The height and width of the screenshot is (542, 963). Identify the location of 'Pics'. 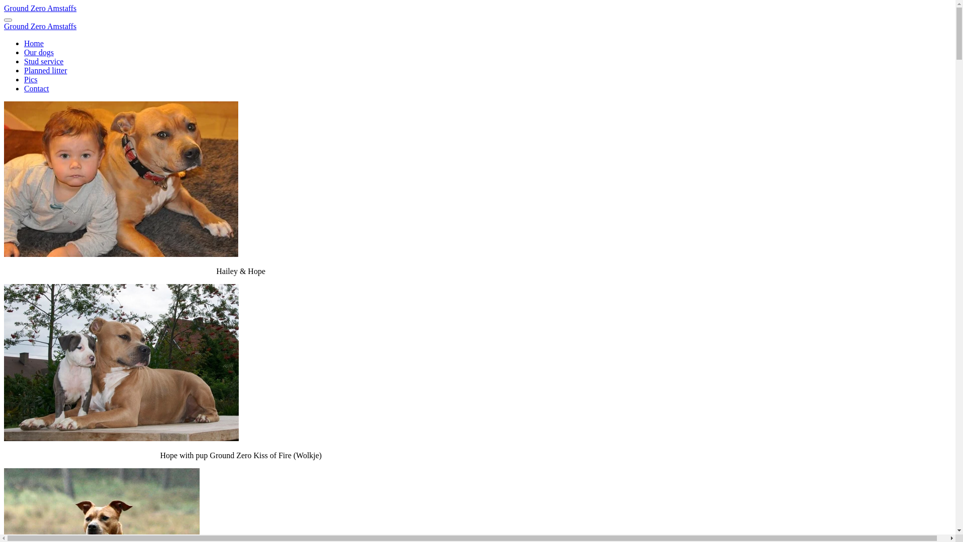
(31, 79).